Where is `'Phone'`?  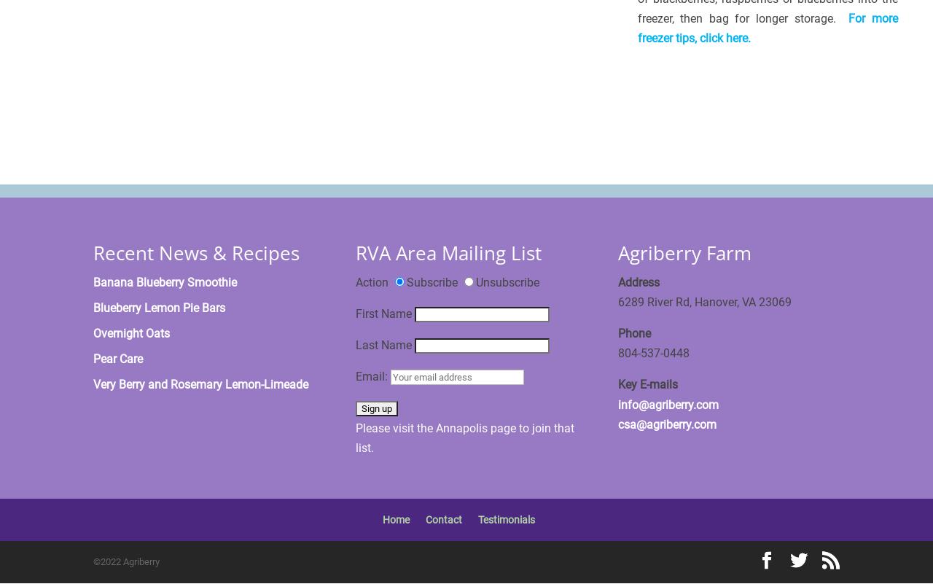 'Phone' is located at coordinates (634, 332).